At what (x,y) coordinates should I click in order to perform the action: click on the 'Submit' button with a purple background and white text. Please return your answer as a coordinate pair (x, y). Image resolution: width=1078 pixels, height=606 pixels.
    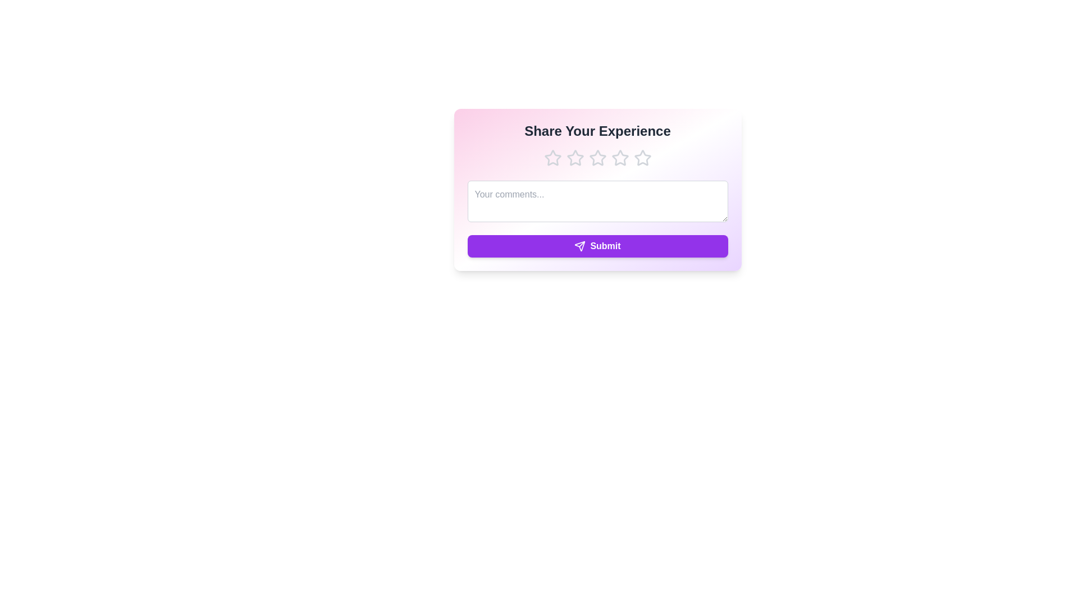
    Looking at the image, I should click on (597, 246).